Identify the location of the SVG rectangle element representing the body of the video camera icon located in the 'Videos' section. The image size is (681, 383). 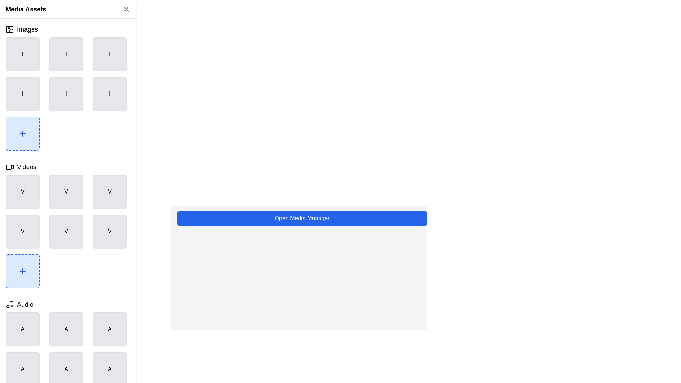
(9, 167).